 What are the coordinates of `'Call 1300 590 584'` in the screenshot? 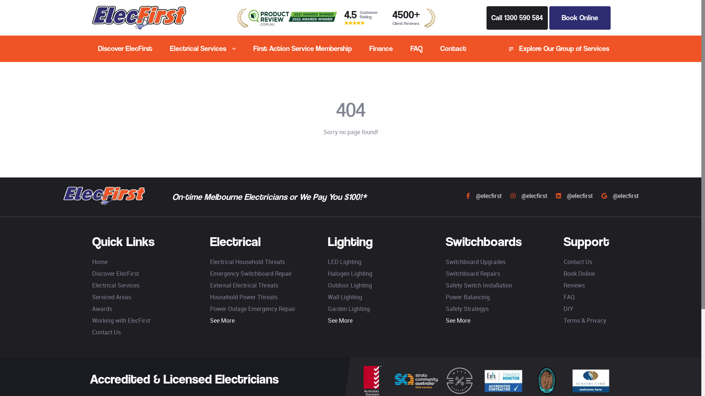 It's located at (486, 17).